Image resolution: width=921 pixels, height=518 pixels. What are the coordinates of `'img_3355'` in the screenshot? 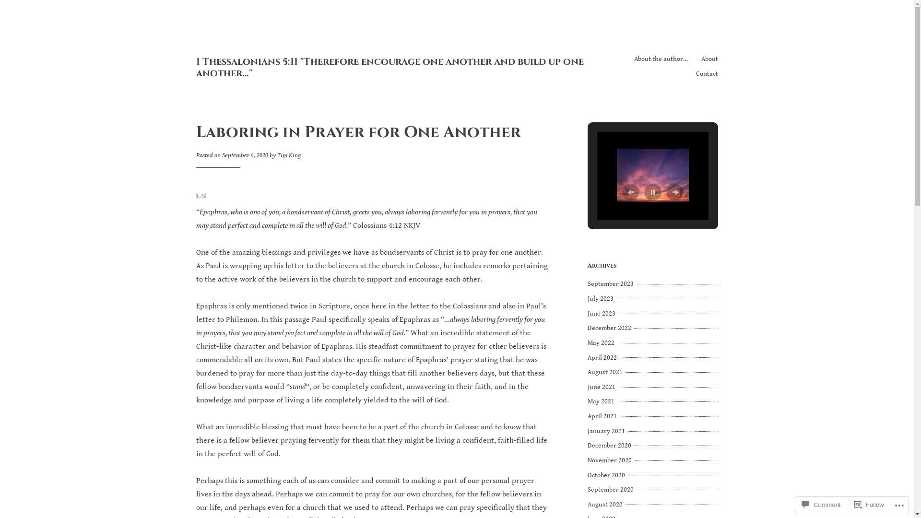 It's located at (652, 176).